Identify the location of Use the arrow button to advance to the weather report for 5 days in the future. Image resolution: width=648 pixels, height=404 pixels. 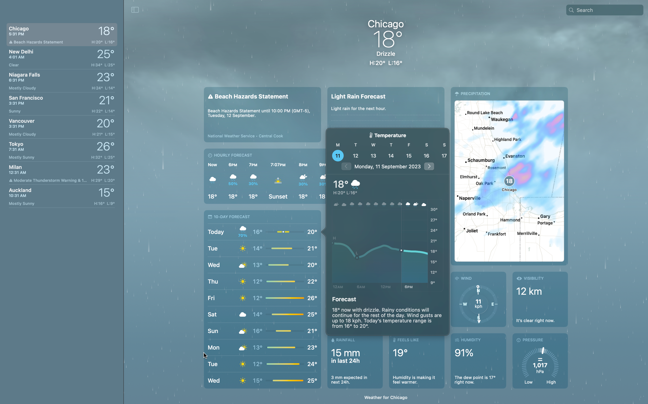
(428, 166).